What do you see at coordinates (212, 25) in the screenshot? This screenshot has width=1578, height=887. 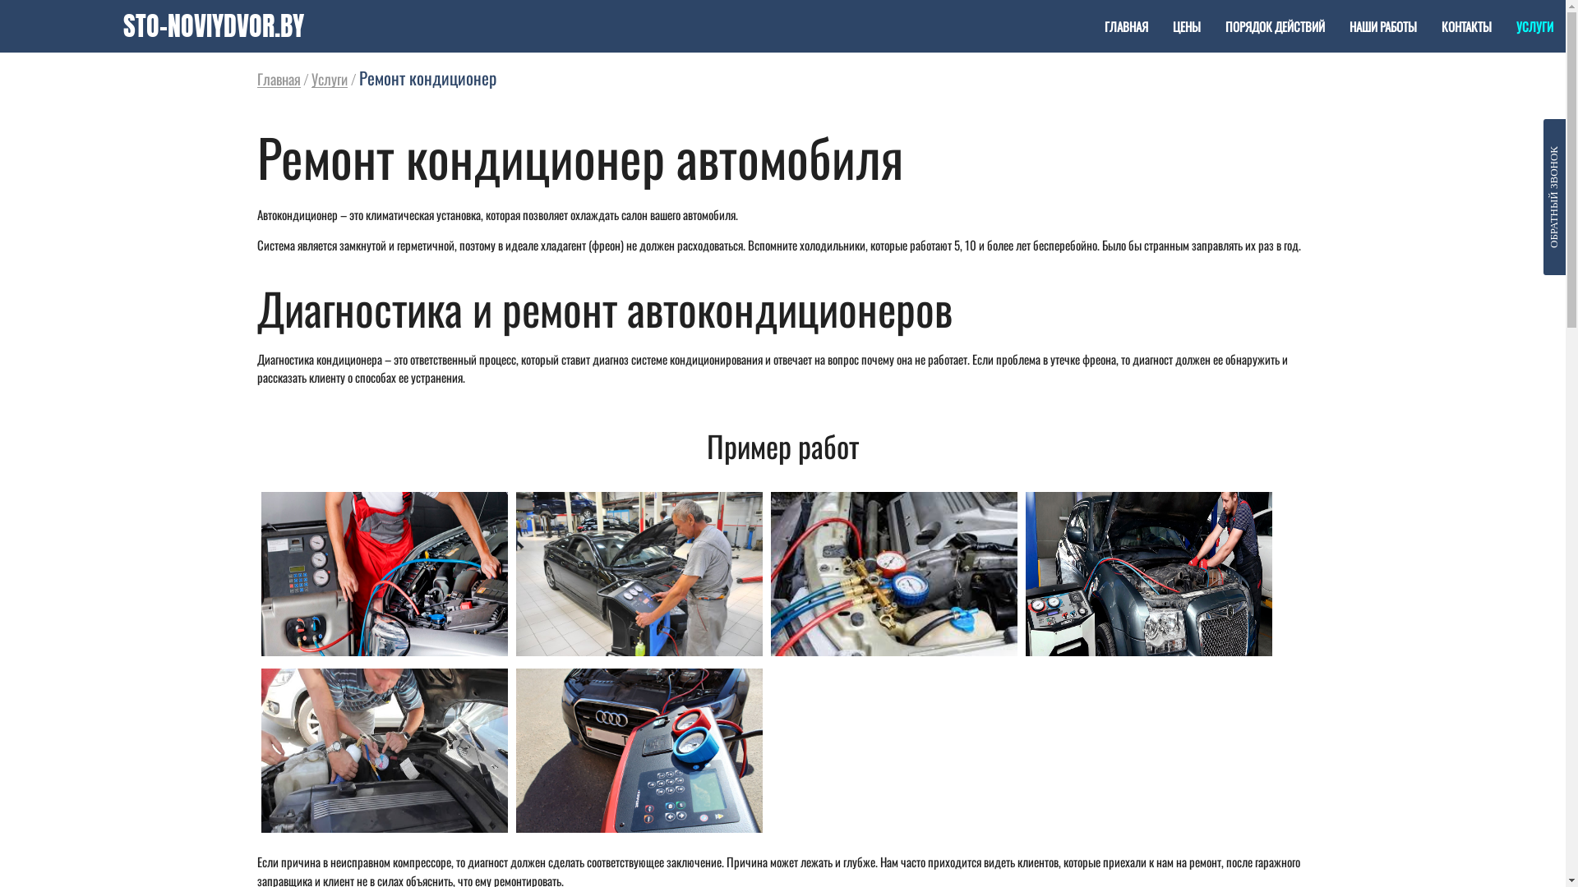 I see `'STO-NOVIYDVOR.BY'` at bounding box center [212, 25].